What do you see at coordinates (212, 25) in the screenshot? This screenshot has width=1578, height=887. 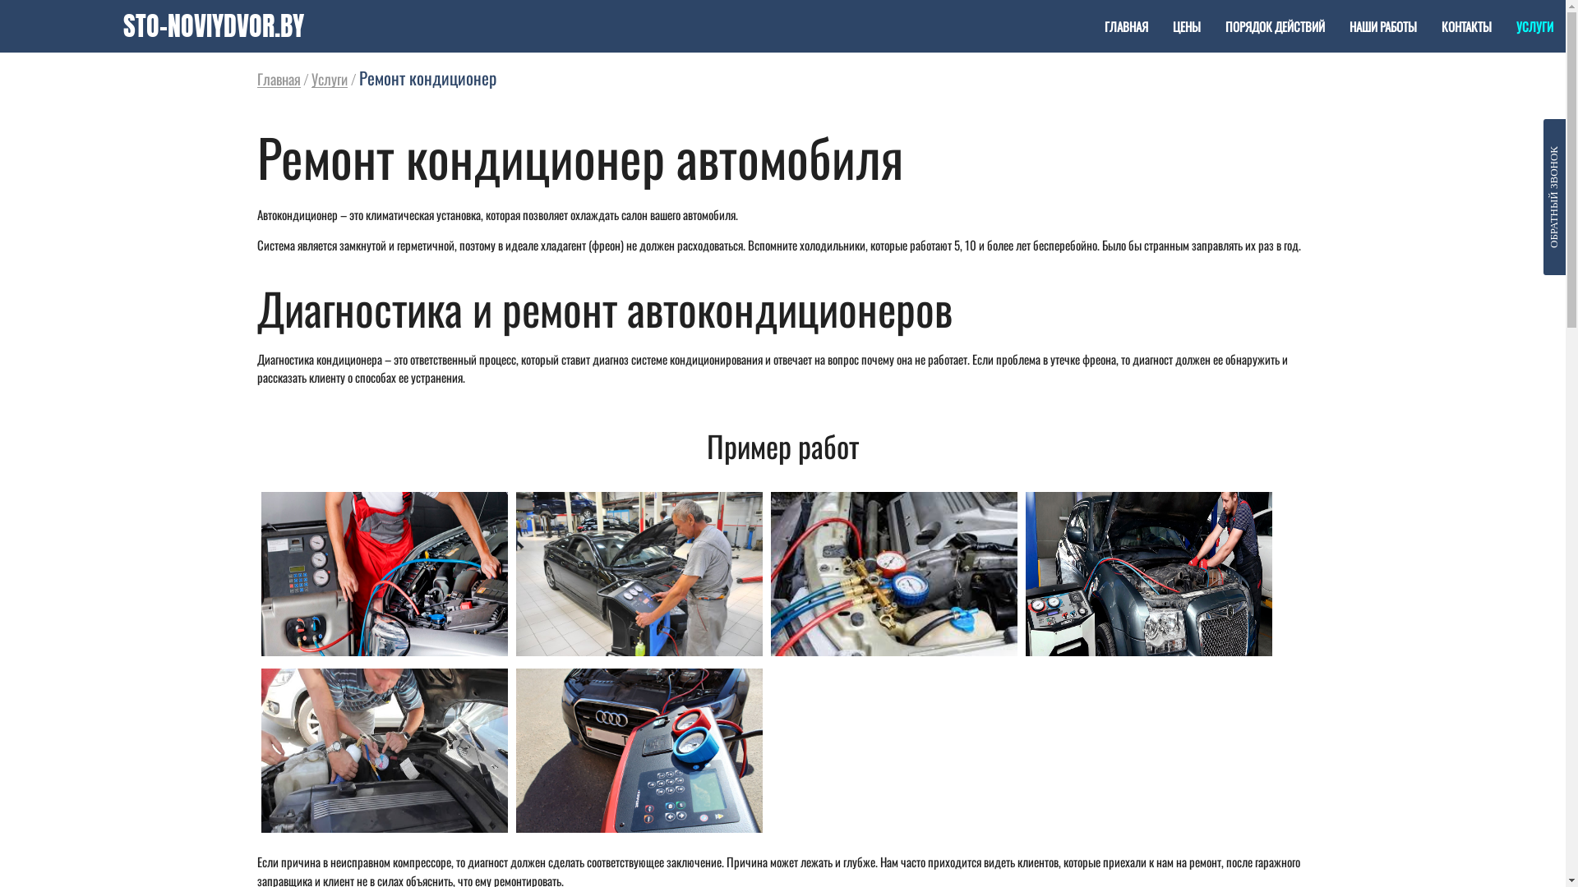 I see `'STO-NOVIYDVOR.BY'` at bounding box center [212, 25].